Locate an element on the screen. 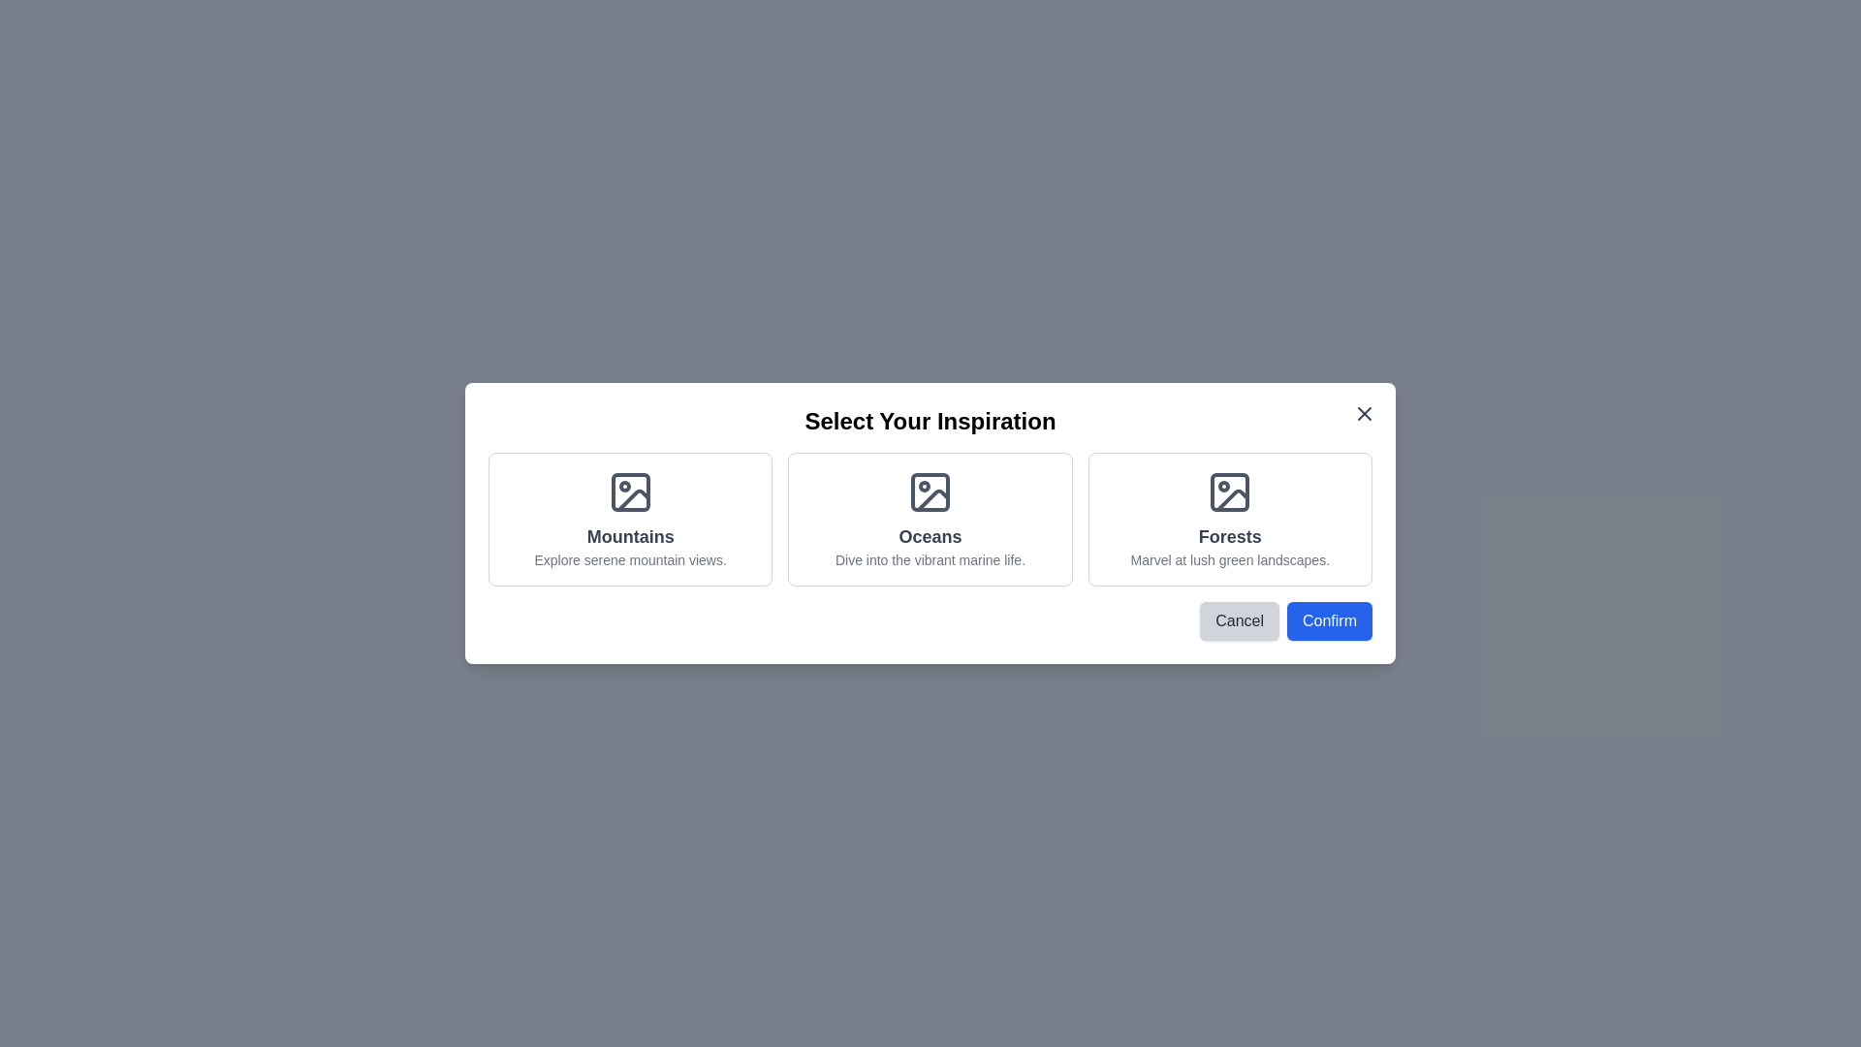 This screenshot has height=1047, width=1861. the text label that reads 'Marvel at lush green landscapes.' located at the bottom of the 'Forests' card, which is styled with a small, gray font is located at coordinates (1229, 560).